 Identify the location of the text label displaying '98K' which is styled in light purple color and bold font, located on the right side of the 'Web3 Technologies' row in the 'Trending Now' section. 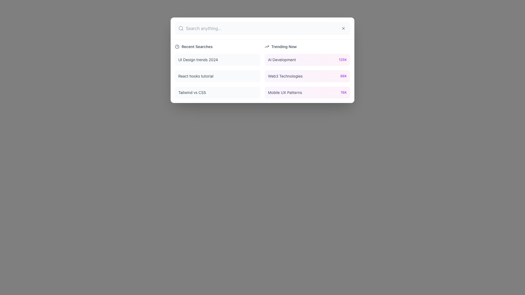
(343, 76).